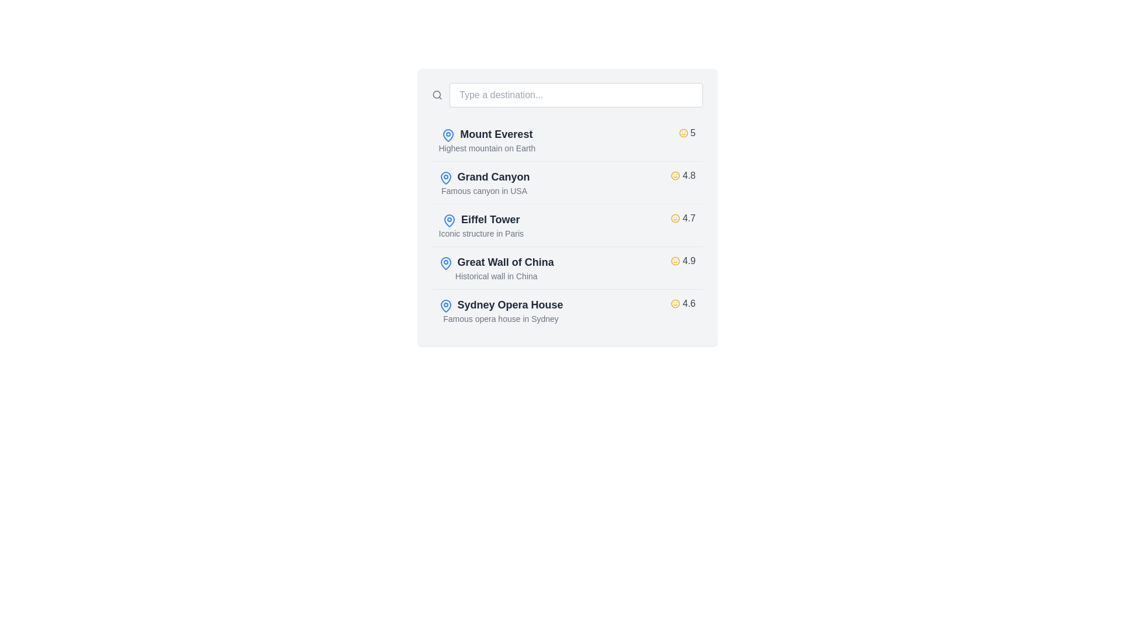 The image size is (1121, 631). Describe the element at coordinates (490, 219) in the screenshot. I see `text label displaying 'Eiffel Tower' which is located in the second row of a list, characterized by a bold font style and dark gray color` at that location.